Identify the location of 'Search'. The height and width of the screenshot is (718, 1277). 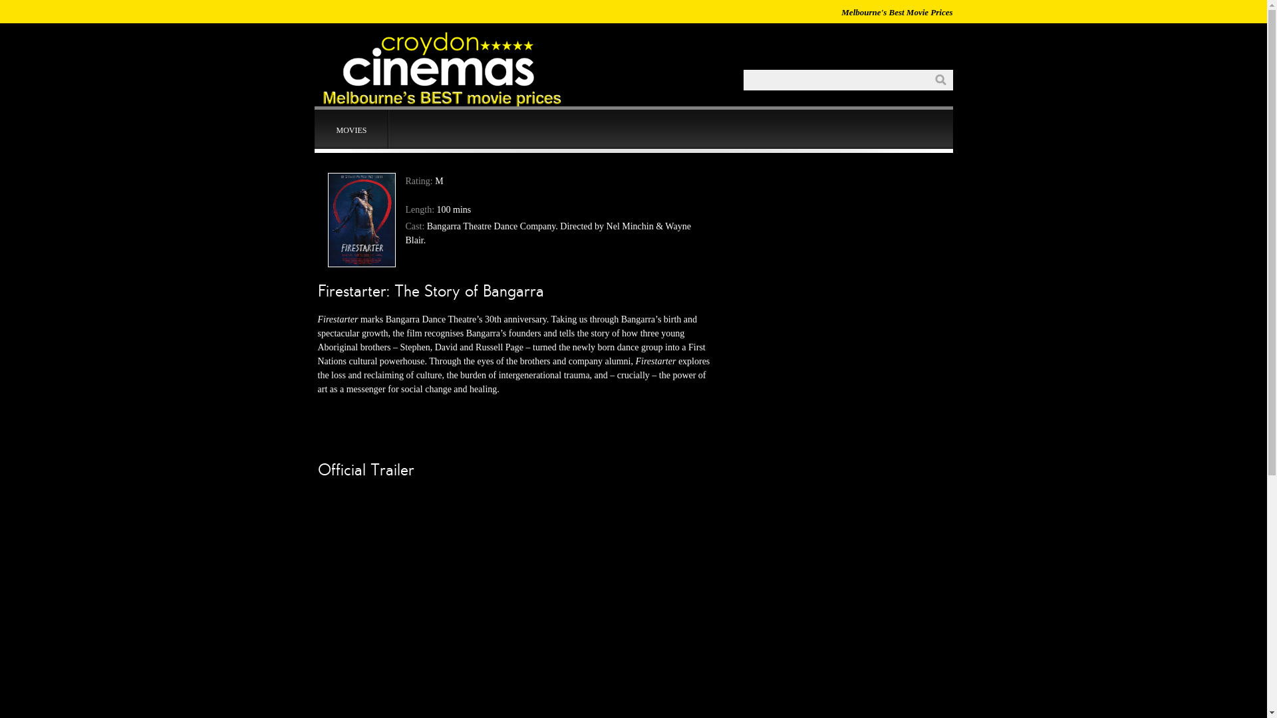
(928, 80).